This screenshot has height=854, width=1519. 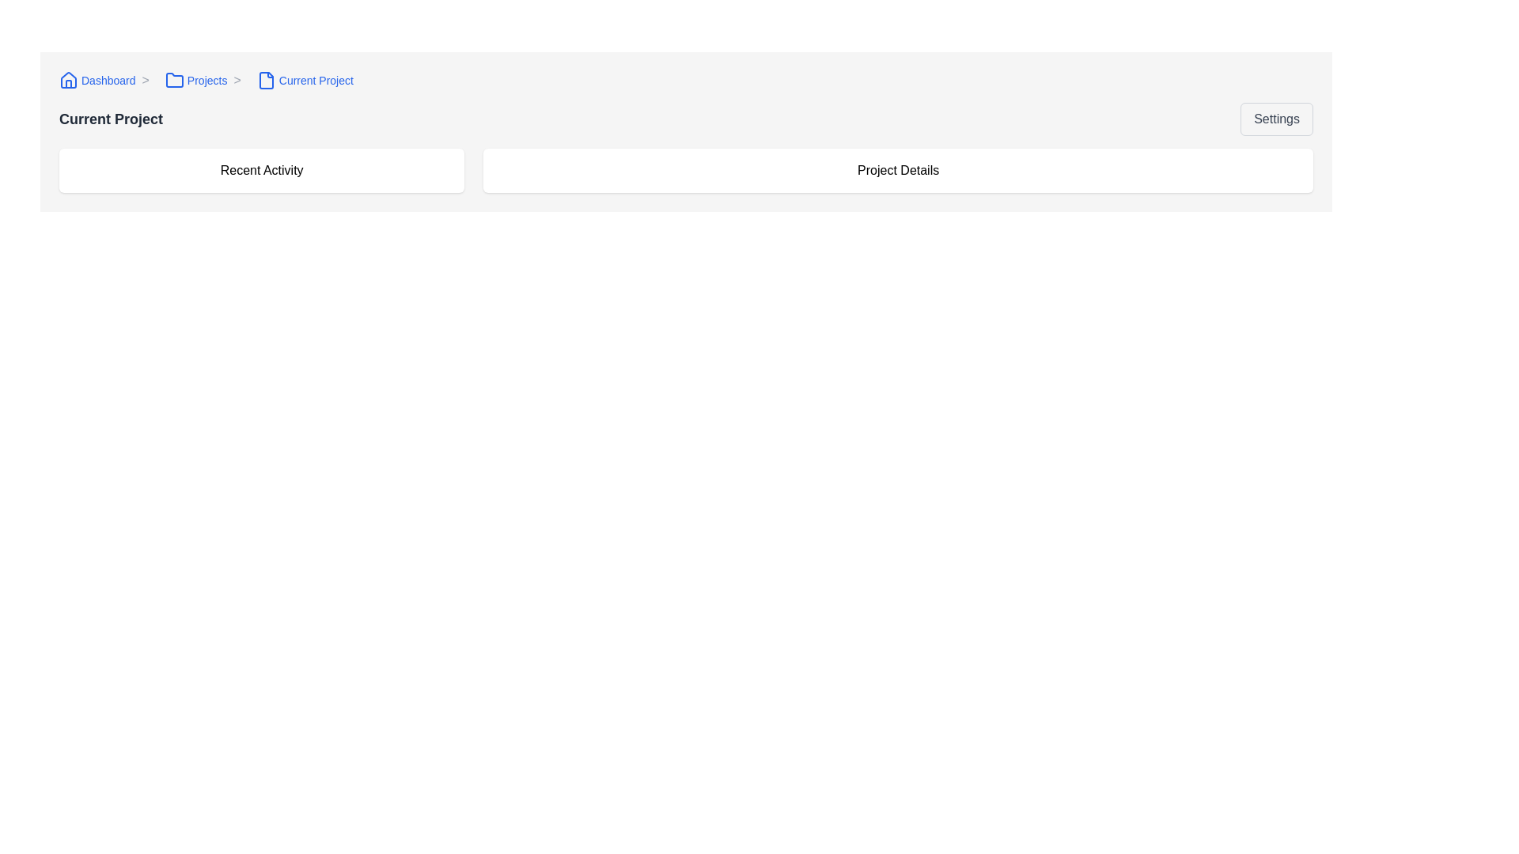 What do you see at coordinates (106, 80) in the screenshot?
I see `the Breadcrumb Navigation Link, which is the first item in the breadcrumb navigation bar` at bounding box center [106, 80].